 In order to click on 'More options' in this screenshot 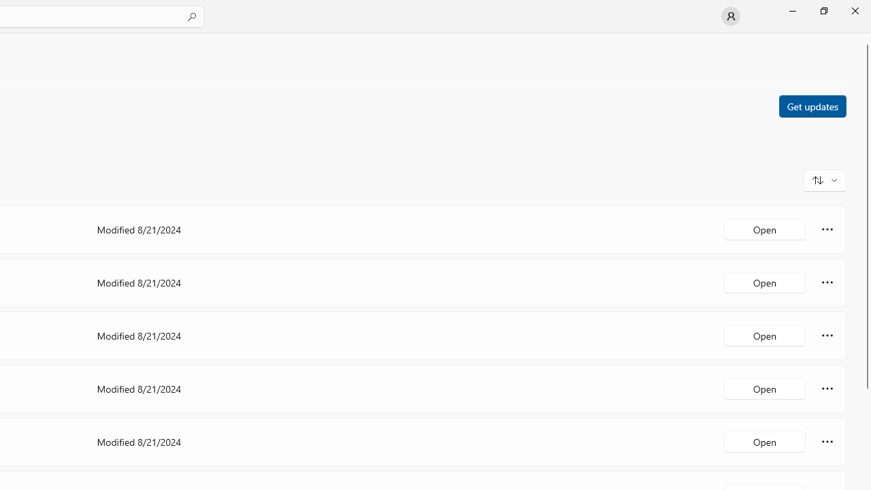, I will do `click(827, 442)`.